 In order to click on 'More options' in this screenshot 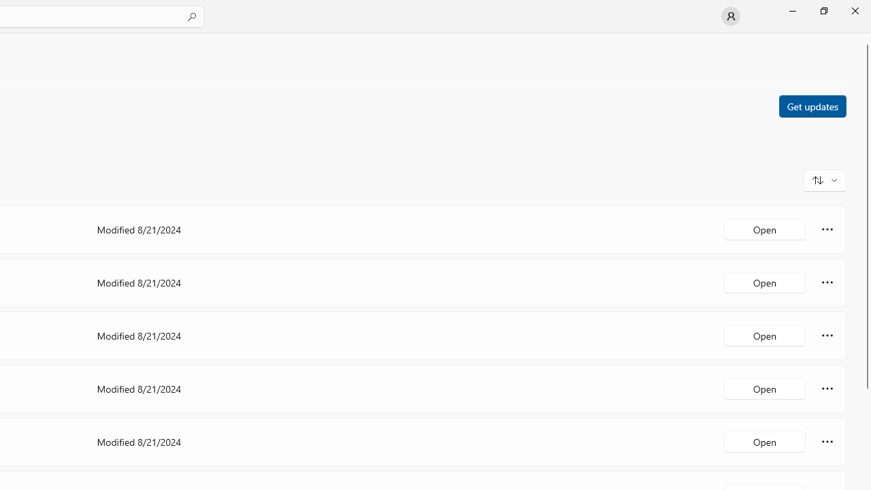, I will do `click(827, 442)`.